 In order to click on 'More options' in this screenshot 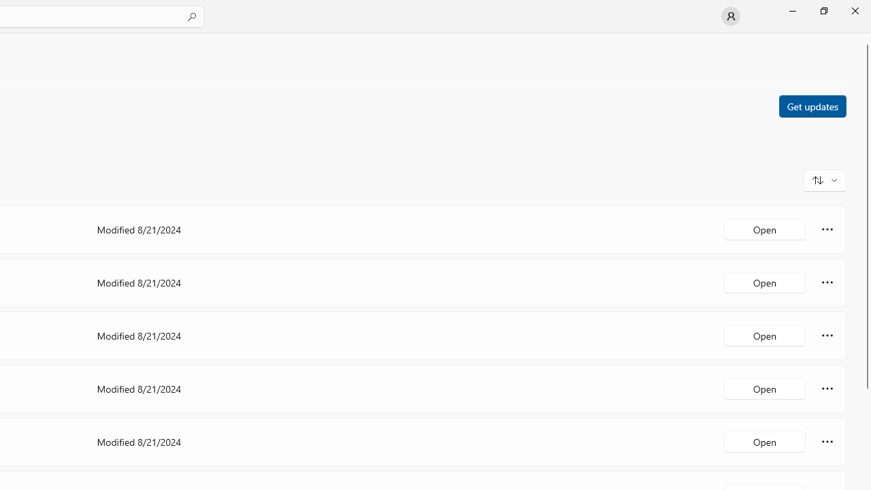, I will do `click(827, 442)`.